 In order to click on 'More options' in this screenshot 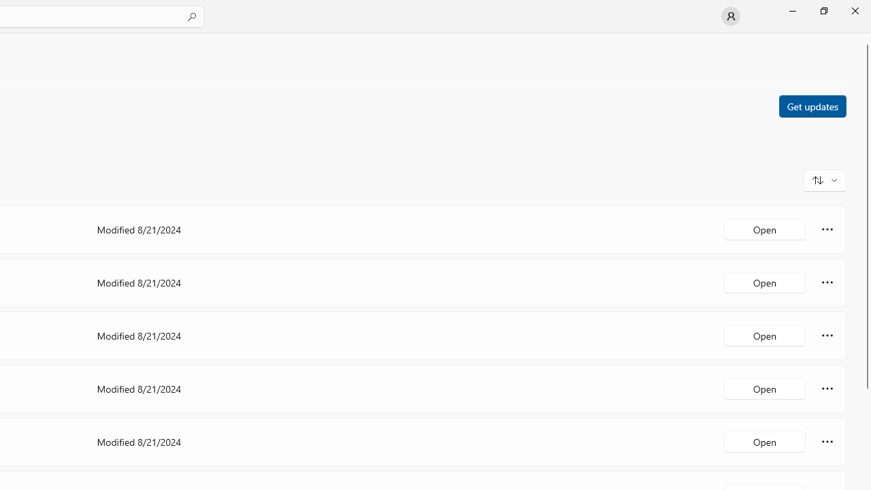, I will do `click(827, 442)`.